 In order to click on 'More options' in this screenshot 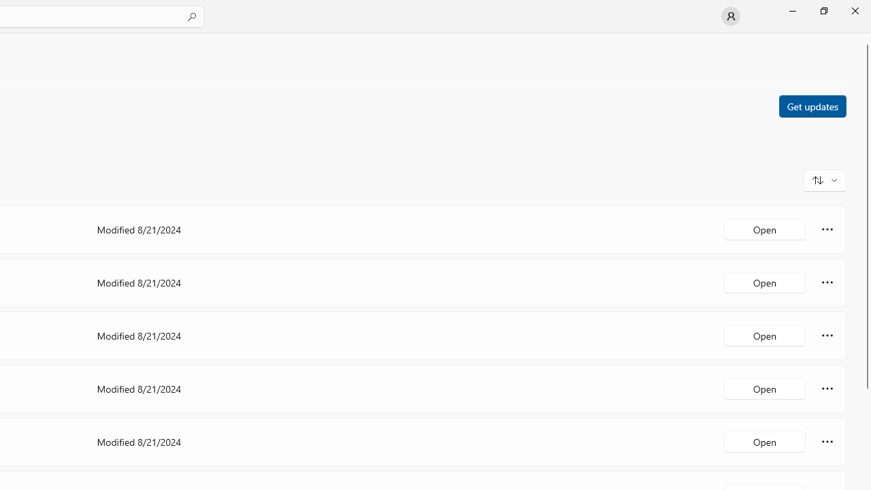, I will do `click(827, 442)`.